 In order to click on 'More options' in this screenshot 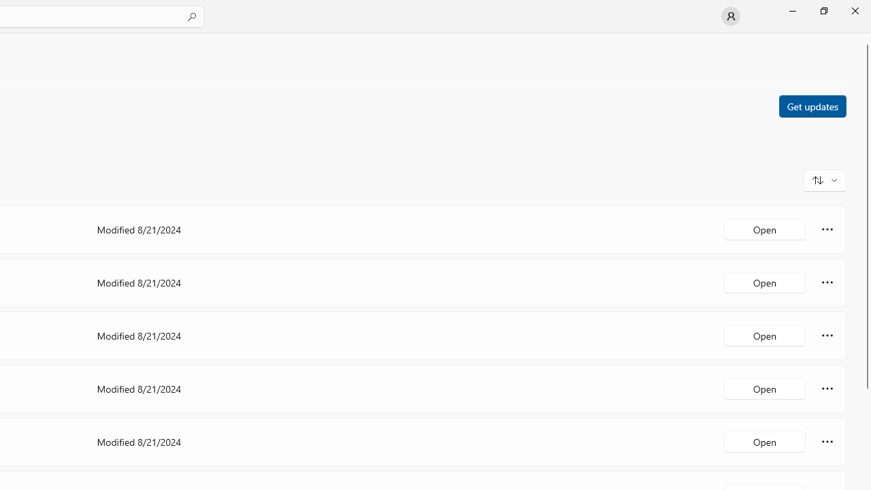, I will do `click(827, 442)`.